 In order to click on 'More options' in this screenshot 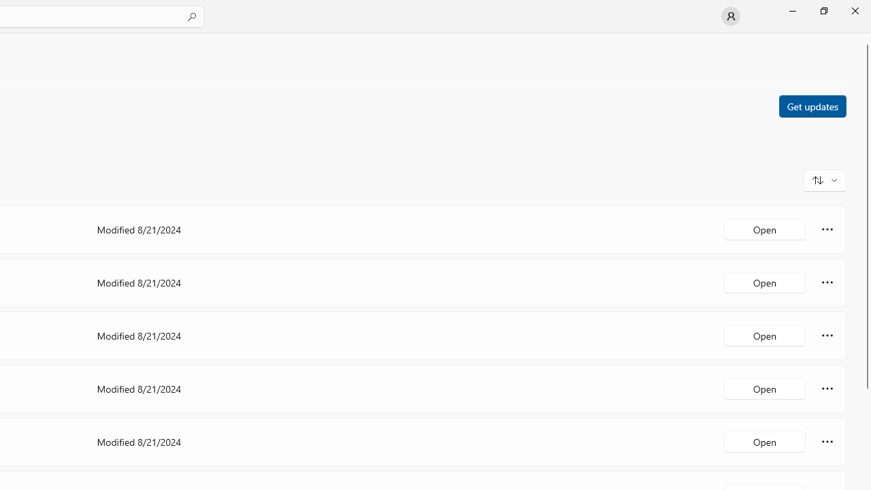, I will do `click(827, 442)`.